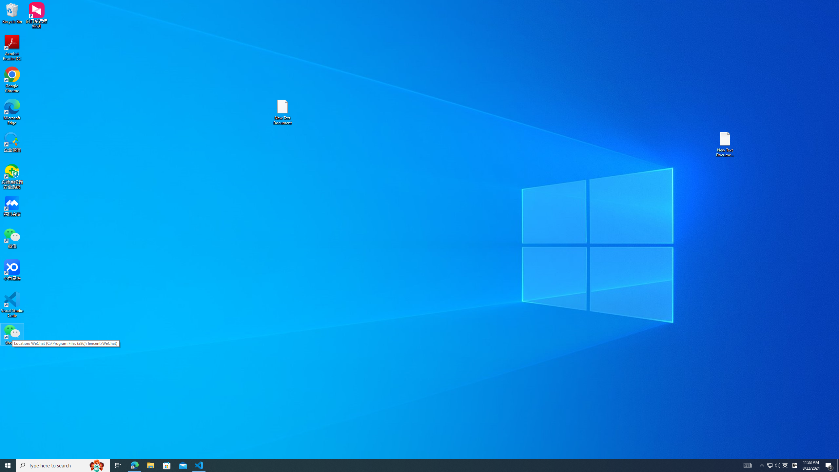 This screenshot has height=472, width=839. I want to click on 'Microsoft Store', so click(167, 465).